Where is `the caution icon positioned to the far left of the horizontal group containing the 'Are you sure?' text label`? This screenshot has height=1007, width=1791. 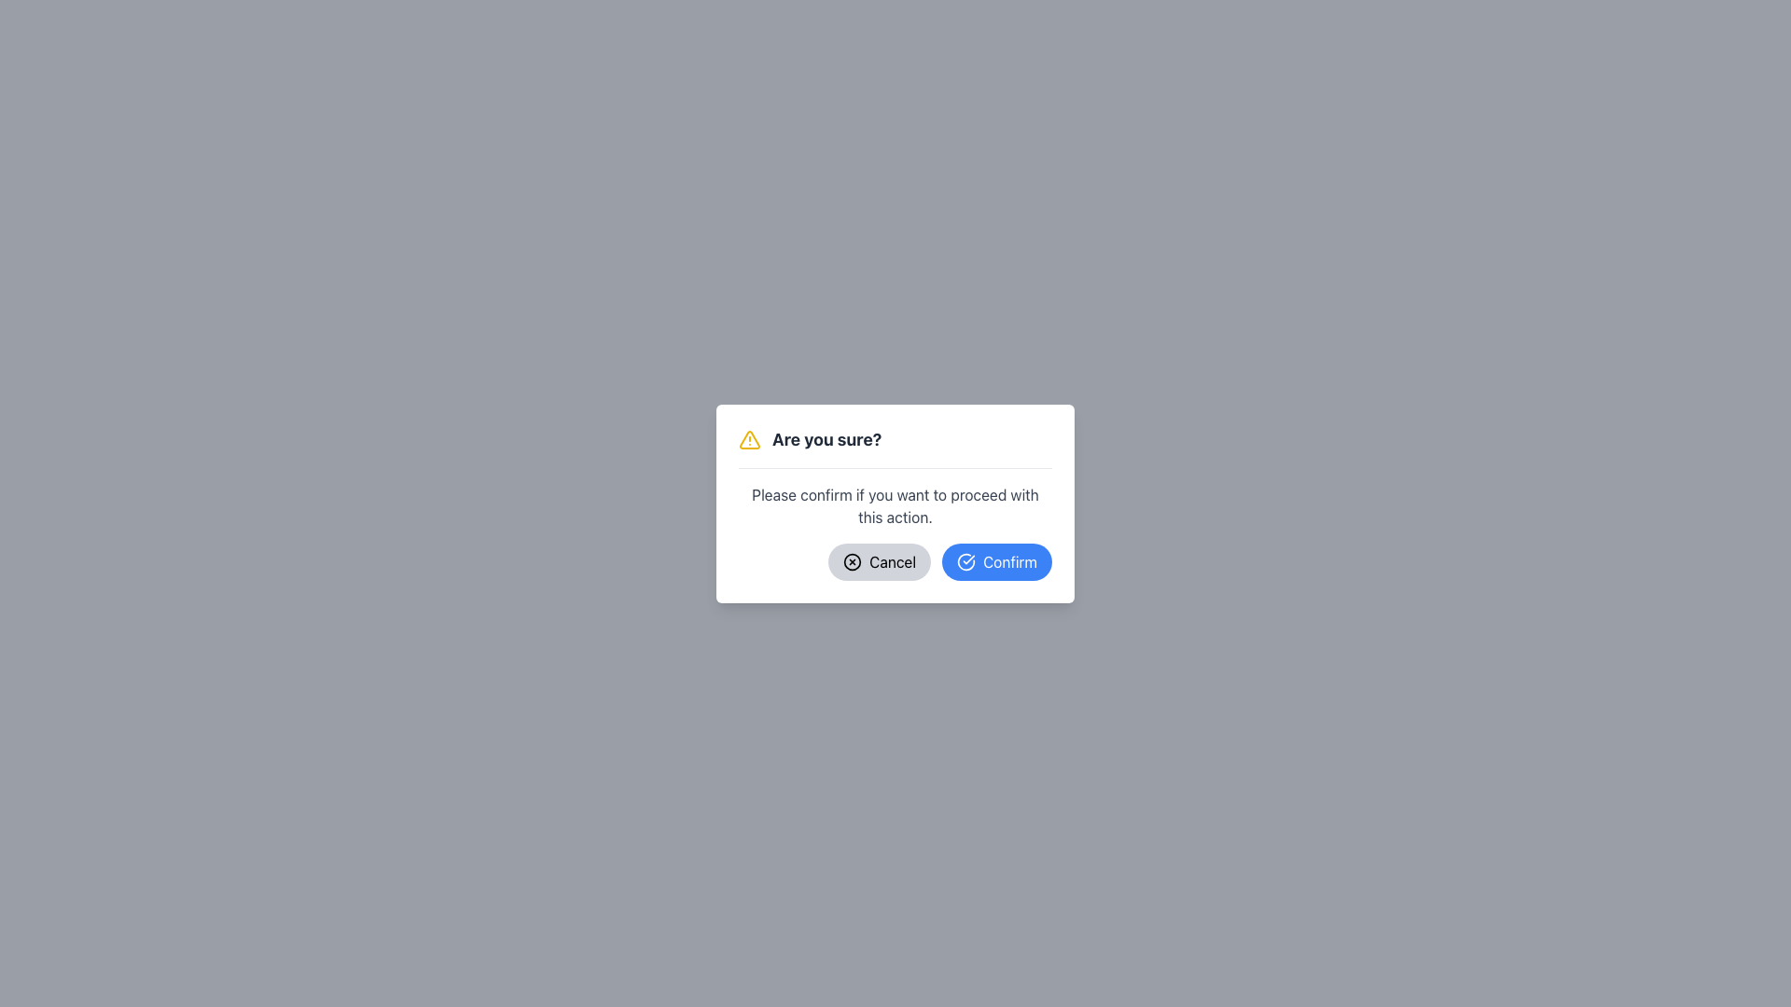
the caution icon positioned to the far left of the horizontal group containing the 'Are you sure?' text label is located at coordinates (750, 439).